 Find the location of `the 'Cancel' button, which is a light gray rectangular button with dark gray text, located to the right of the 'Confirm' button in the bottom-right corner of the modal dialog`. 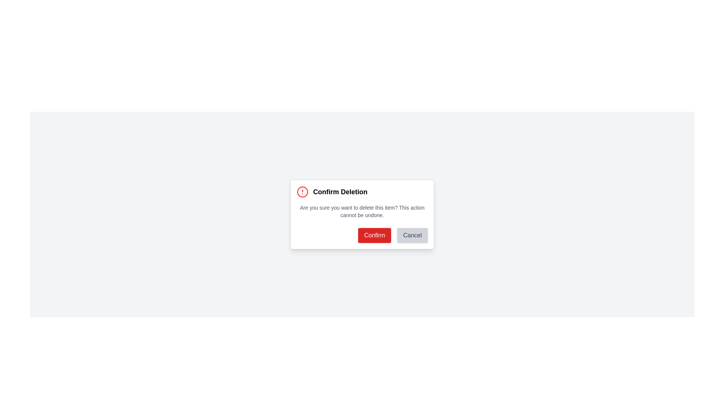

the 'Cancel' button, which is a light gray rectangular button with dark gray text, located to the right of the 'Confirm' button in the bottom-right corner of the modal dialog is located at coordinates (412, 235).